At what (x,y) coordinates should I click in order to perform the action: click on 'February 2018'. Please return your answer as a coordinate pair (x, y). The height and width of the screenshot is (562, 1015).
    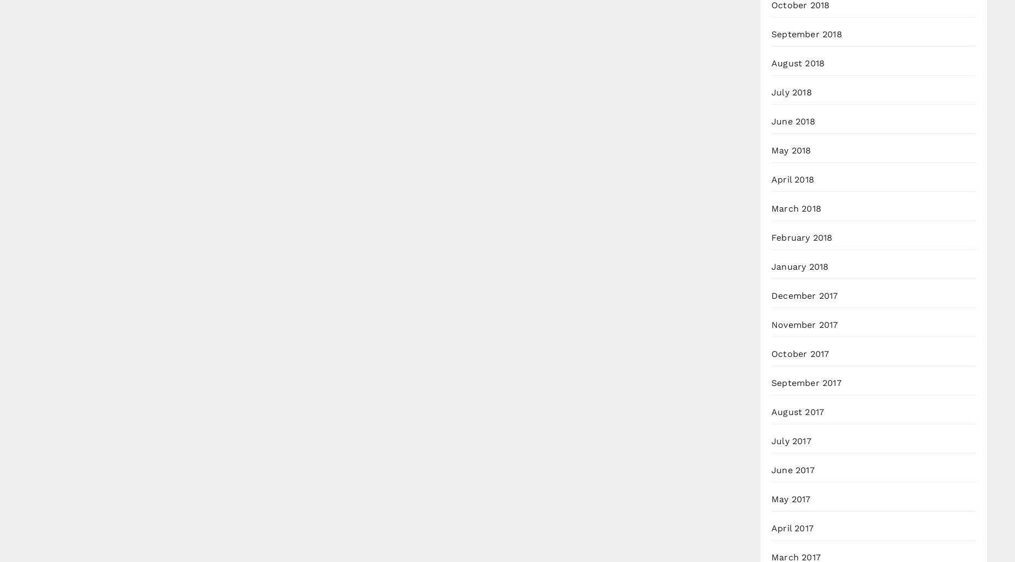
    Looking at the image, I should click on (802, 237).